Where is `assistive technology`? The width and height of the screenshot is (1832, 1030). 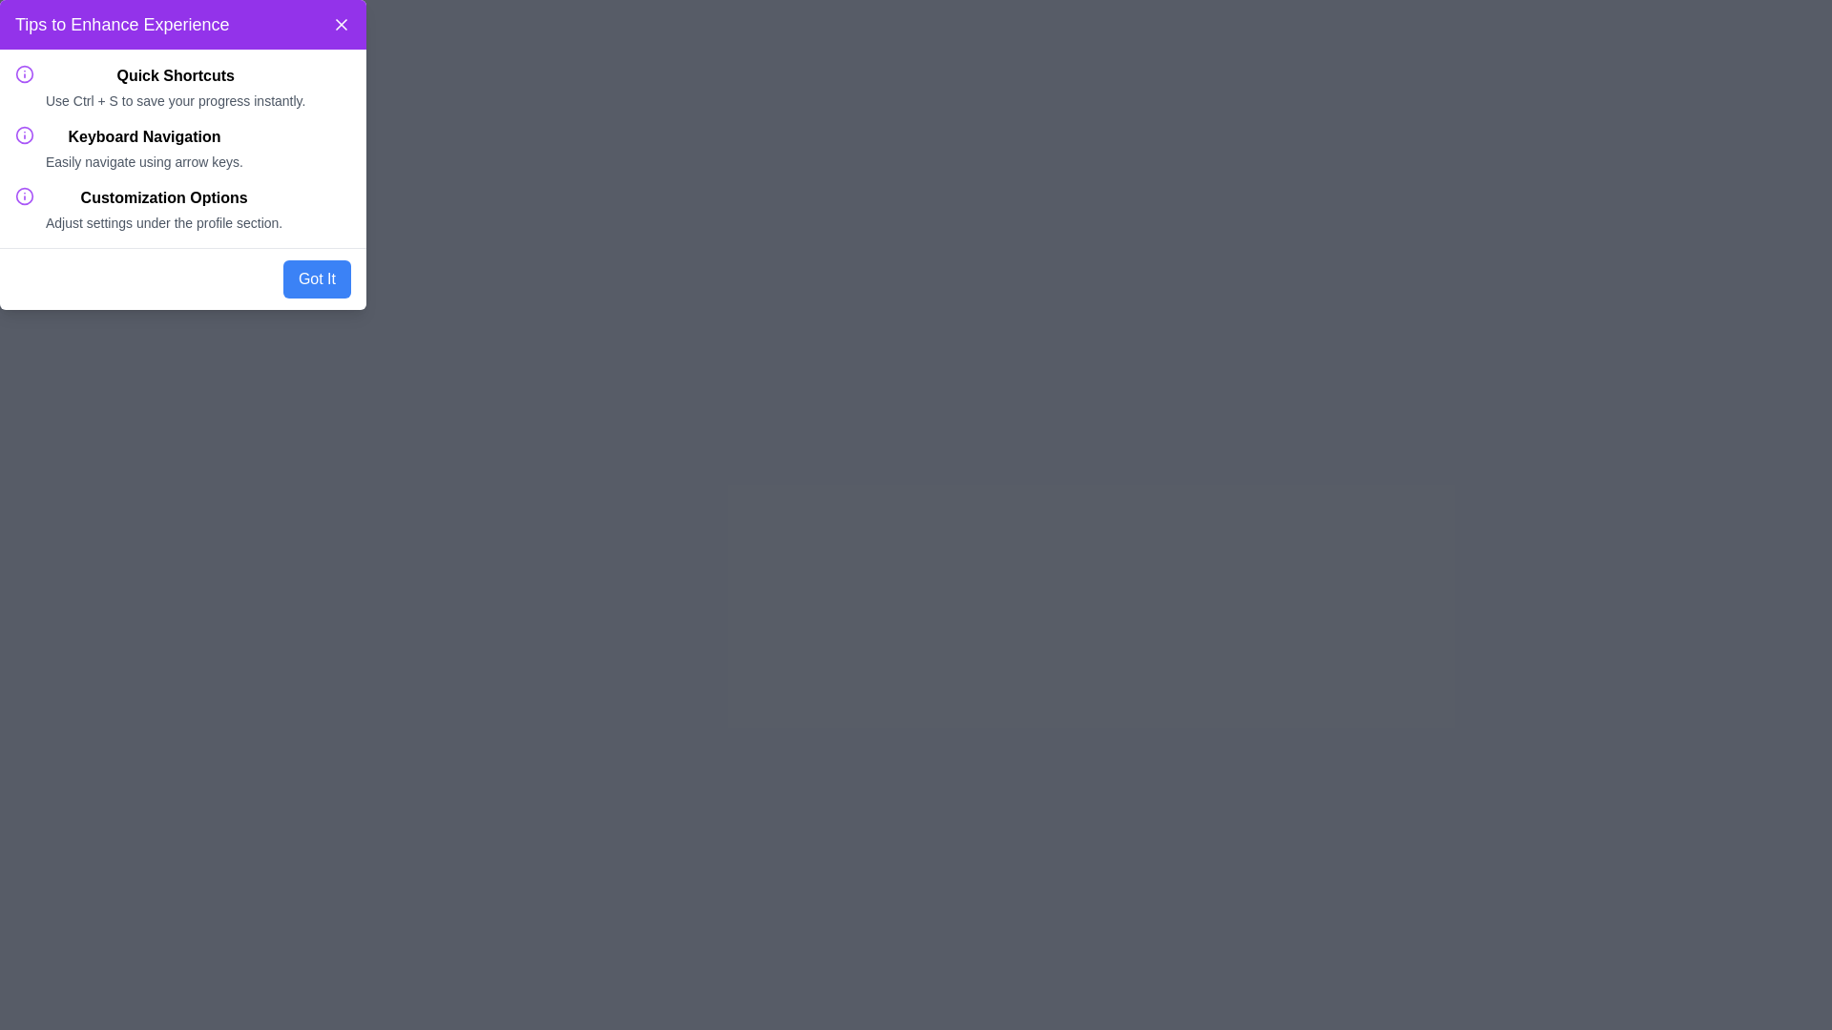
assistive technology is located at coordinates (24, 134).